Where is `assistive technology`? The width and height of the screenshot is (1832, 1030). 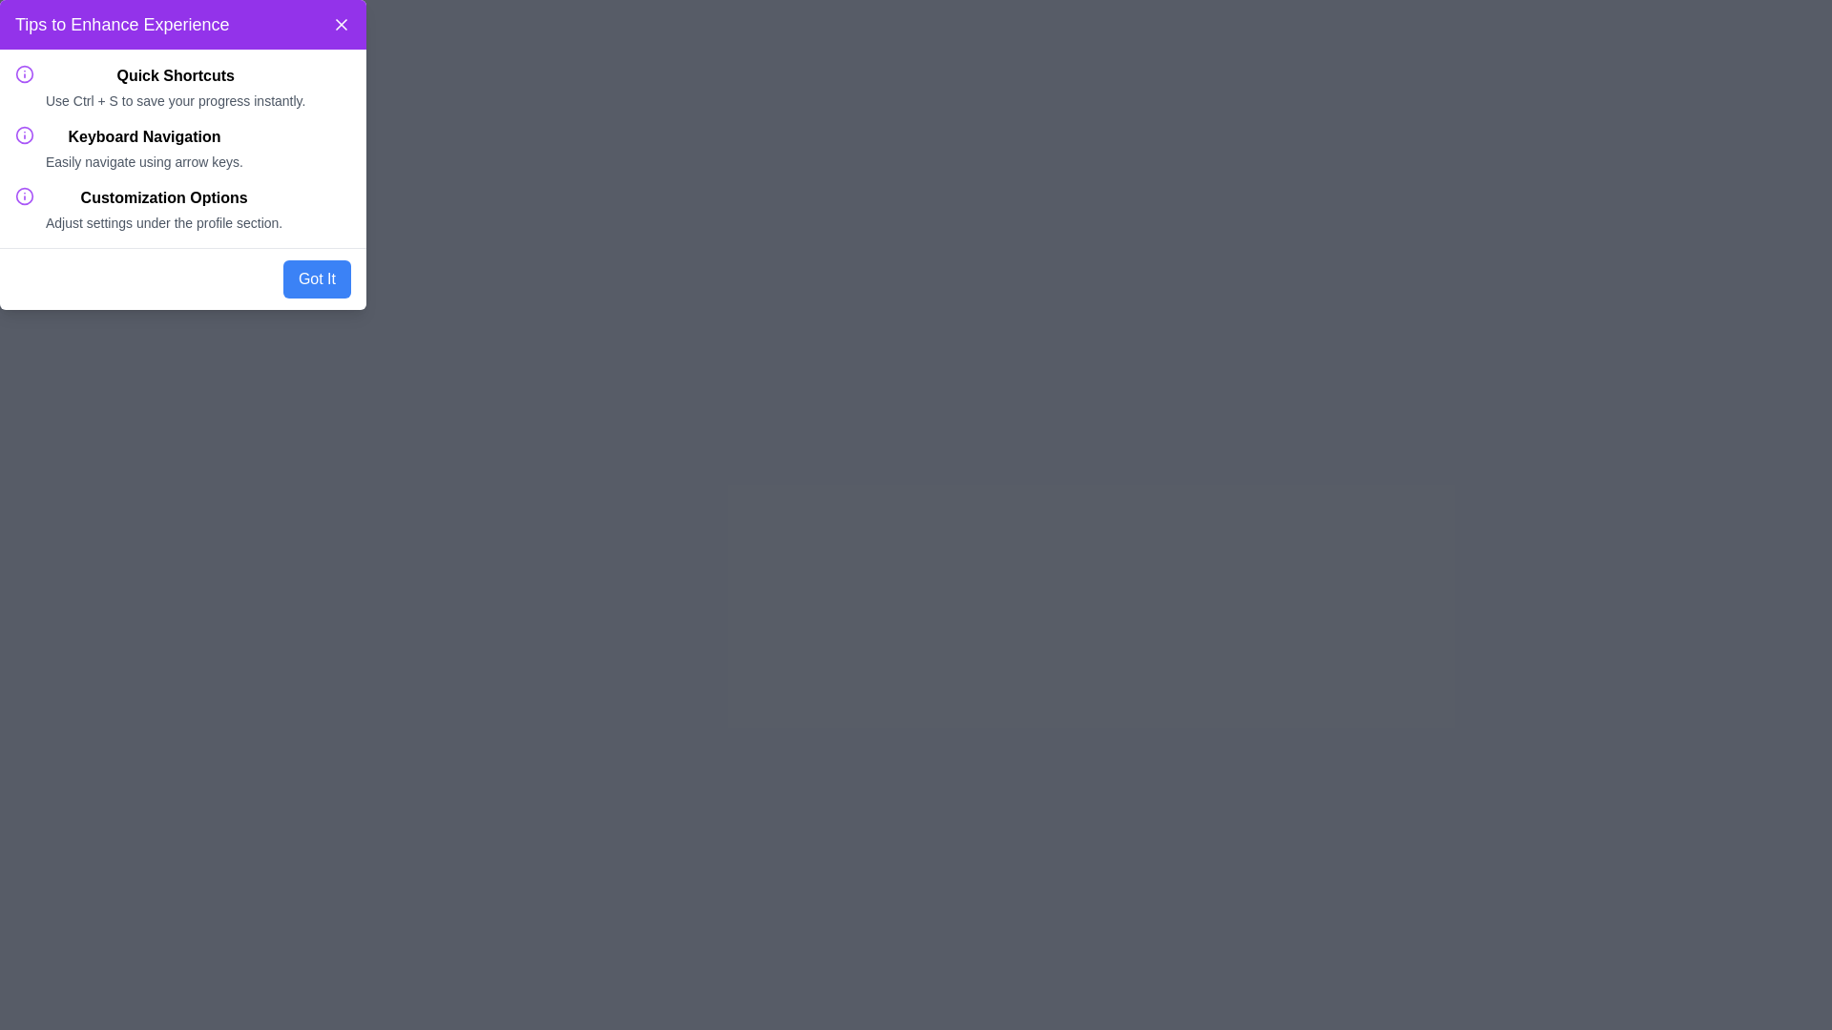
assistive technology is located at coordinates (24, 134).